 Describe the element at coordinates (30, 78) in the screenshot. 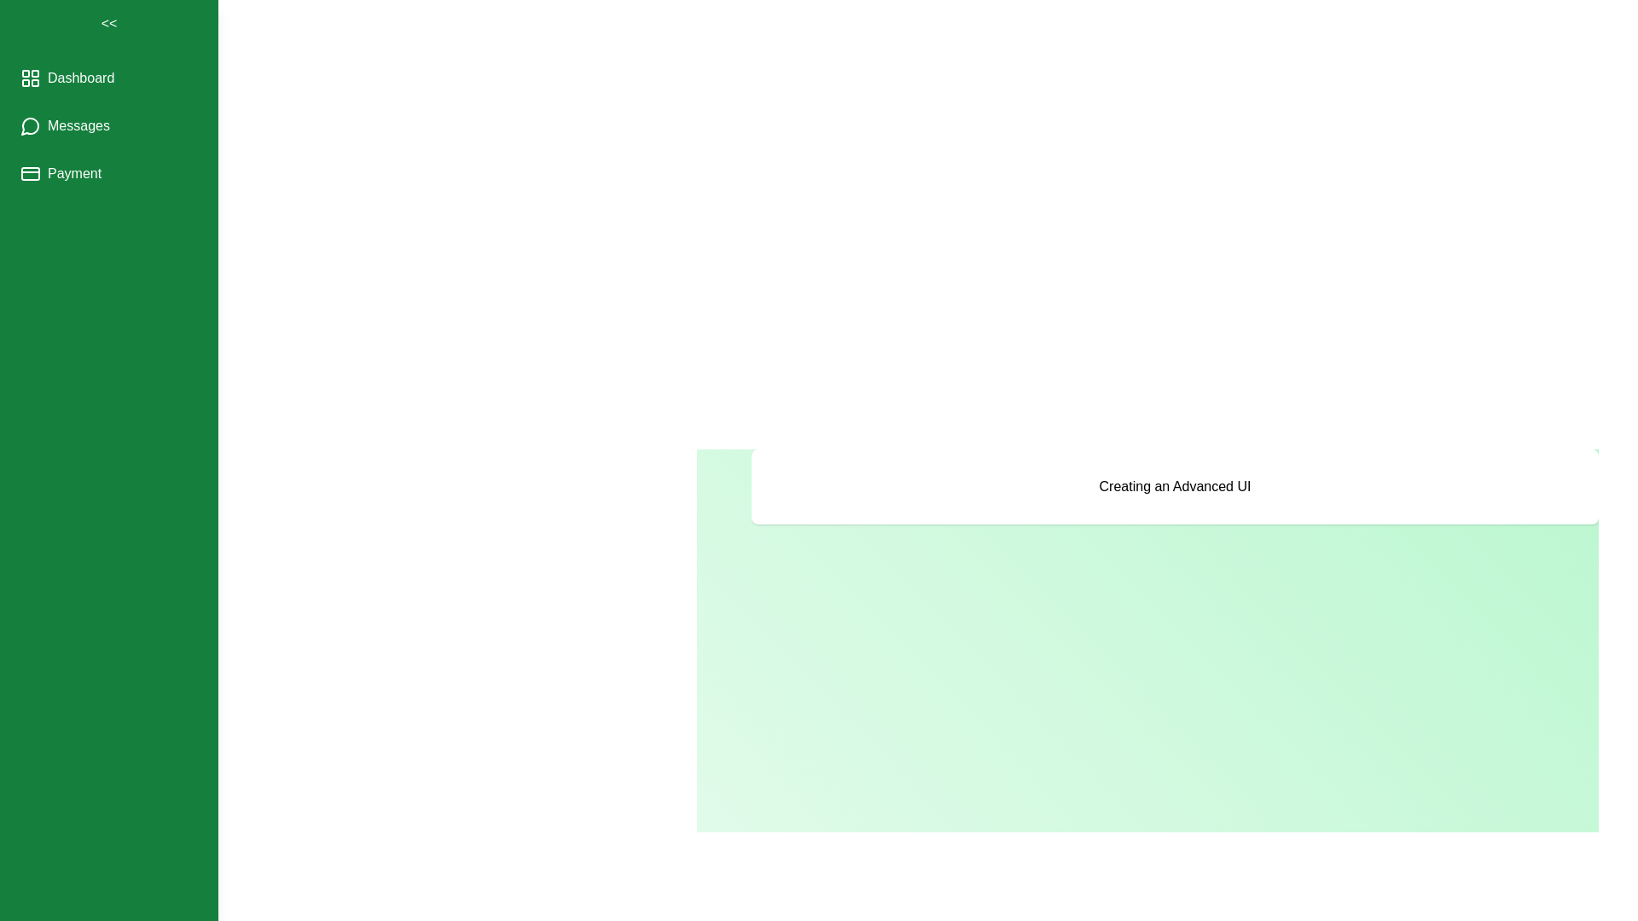

I see `the Dashboard icon located to the left of the 'Dashboard' text in the sidebar` at that location.